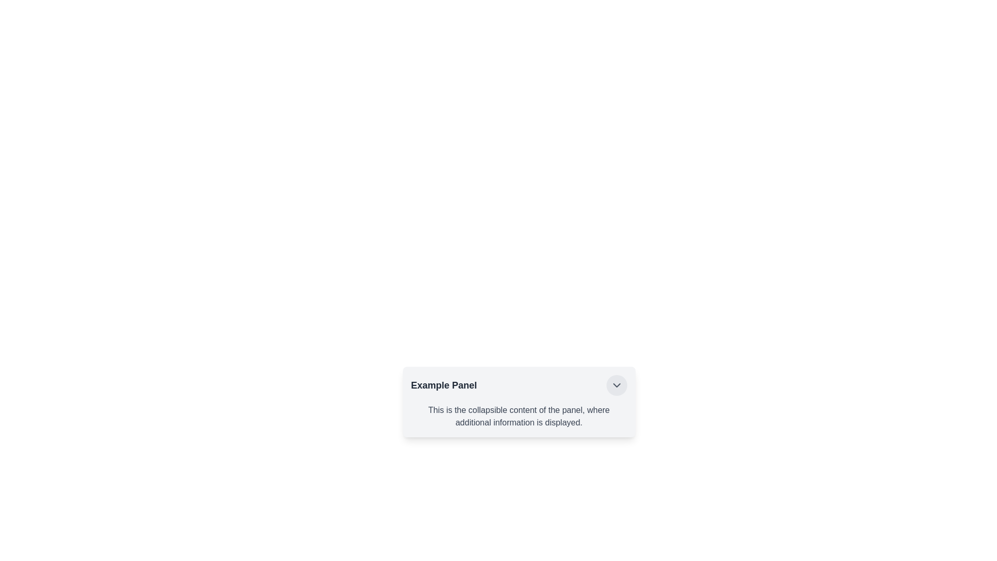 The height and width of the screenshot is (561, 997). Describe the element at coordinates (519, 416) in the screenshot. I see `the descriptive text element that provides contextual information below the header 'Example Panel' and the control toggle icon` at that location.